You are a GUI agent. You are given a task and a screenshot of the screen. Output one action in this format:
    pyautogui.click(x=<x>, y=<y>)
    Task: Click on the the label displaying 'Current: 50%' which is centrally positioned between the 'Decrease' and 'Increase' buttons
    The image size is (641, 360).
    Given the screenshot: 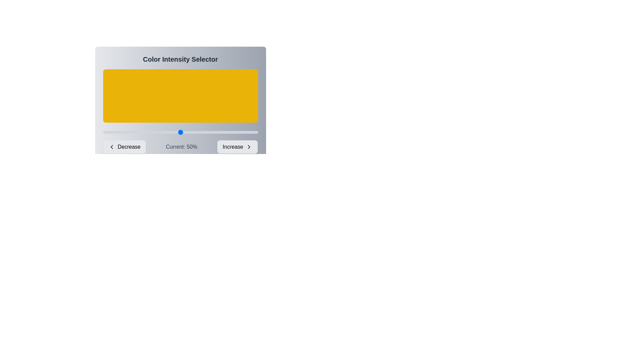 What is the action you would take?
    pyautogui.click(x=182, y=146)
    